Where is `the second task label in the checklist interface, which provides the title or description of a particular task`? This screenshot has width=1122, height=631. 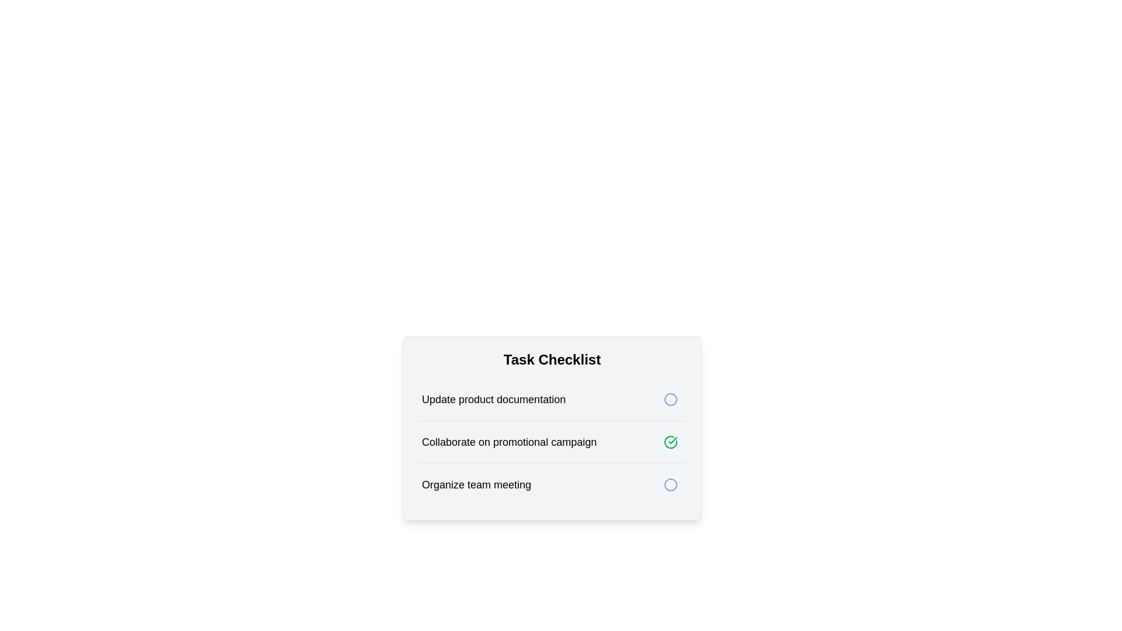 the second task label in the checklist interface, which provides the title or description of a particular task is located at coordinates (509, 442).